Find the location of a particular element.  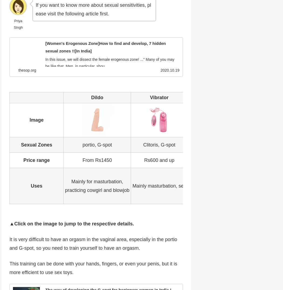

'Vibrator' is located at coordinates (159, 97).